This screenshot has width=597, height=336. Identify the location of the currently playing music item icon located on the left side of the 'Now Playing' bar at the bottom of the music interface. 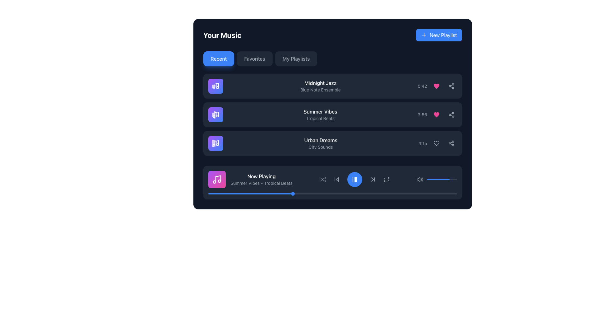
(217, 180).